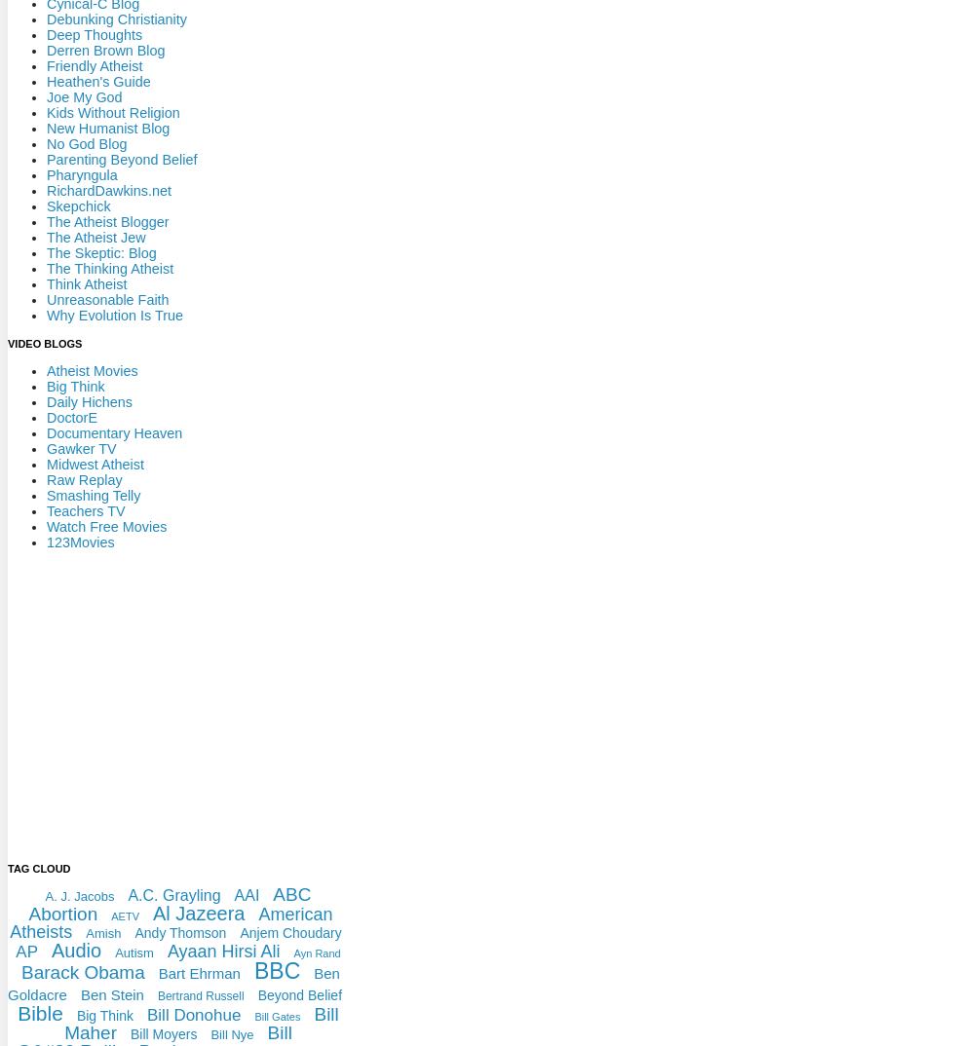 The width and height of the screenshot is (953, 1046). I want to click on 'Debunking Christianity', so click(116, 18).